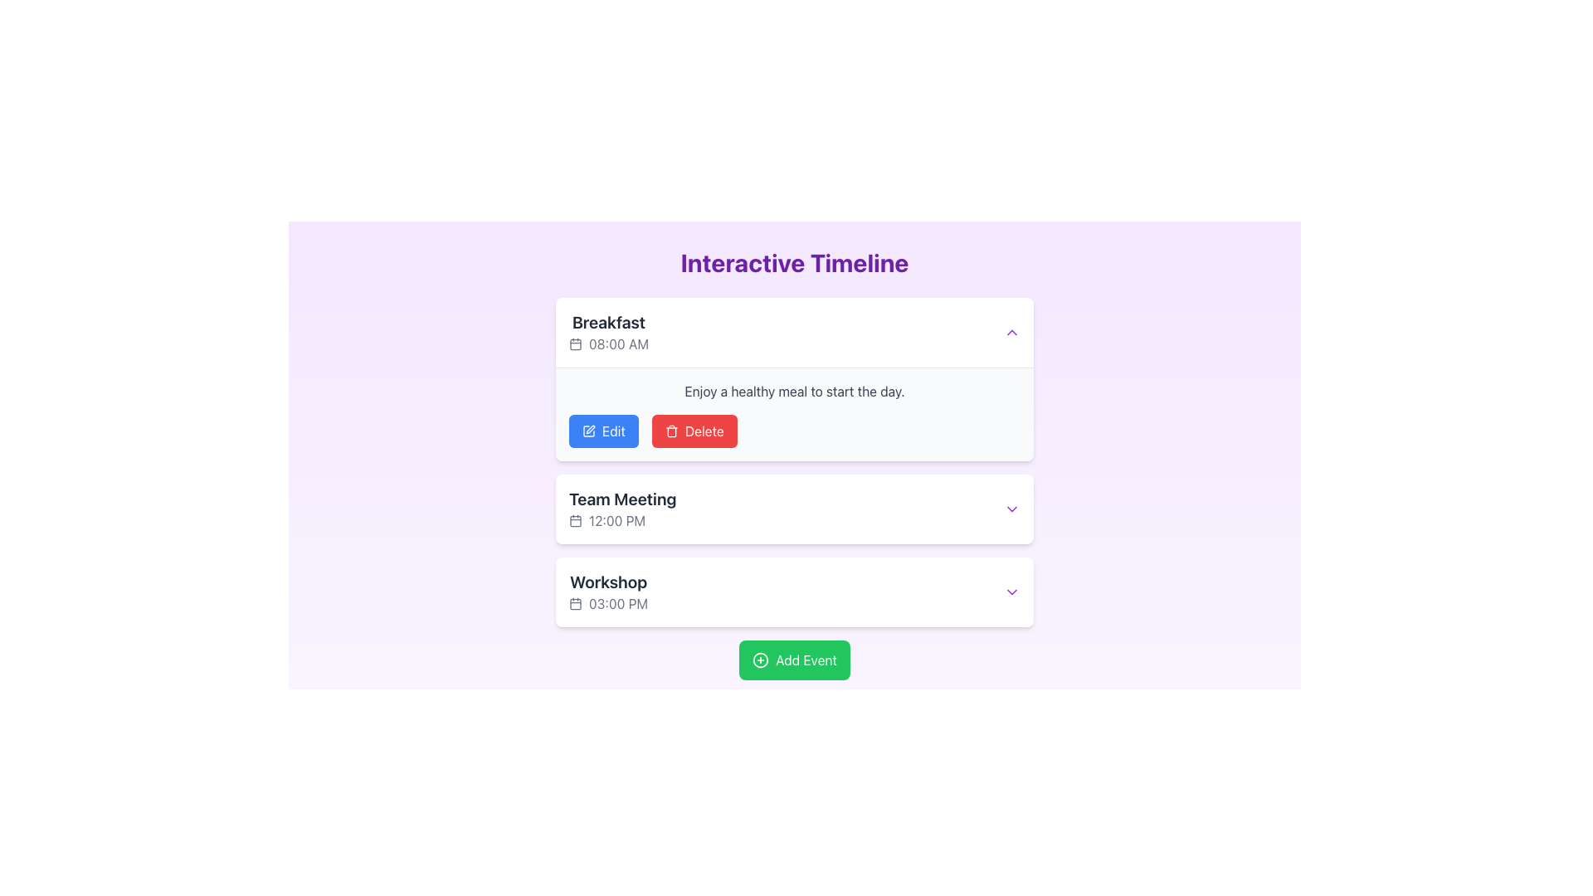 The image size is (1593, 896). What do you see at coordinates (759, 659) in the screenshot?
I see `the outermost circular outline of the '+' icon located at the center of the green rectangular 'Add Event' button` at bounding box center [759, 659].